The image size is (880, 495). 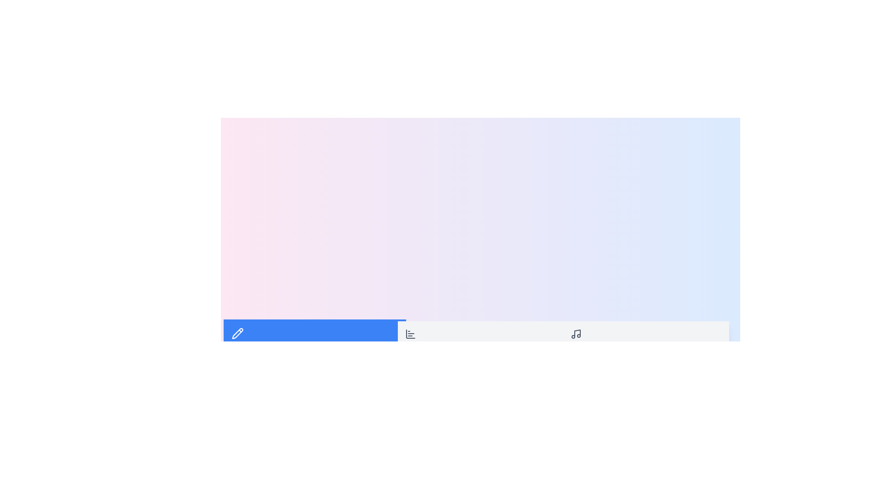 I want to click on the tab labeled Audio to view its content, so click(x=646, y=339).